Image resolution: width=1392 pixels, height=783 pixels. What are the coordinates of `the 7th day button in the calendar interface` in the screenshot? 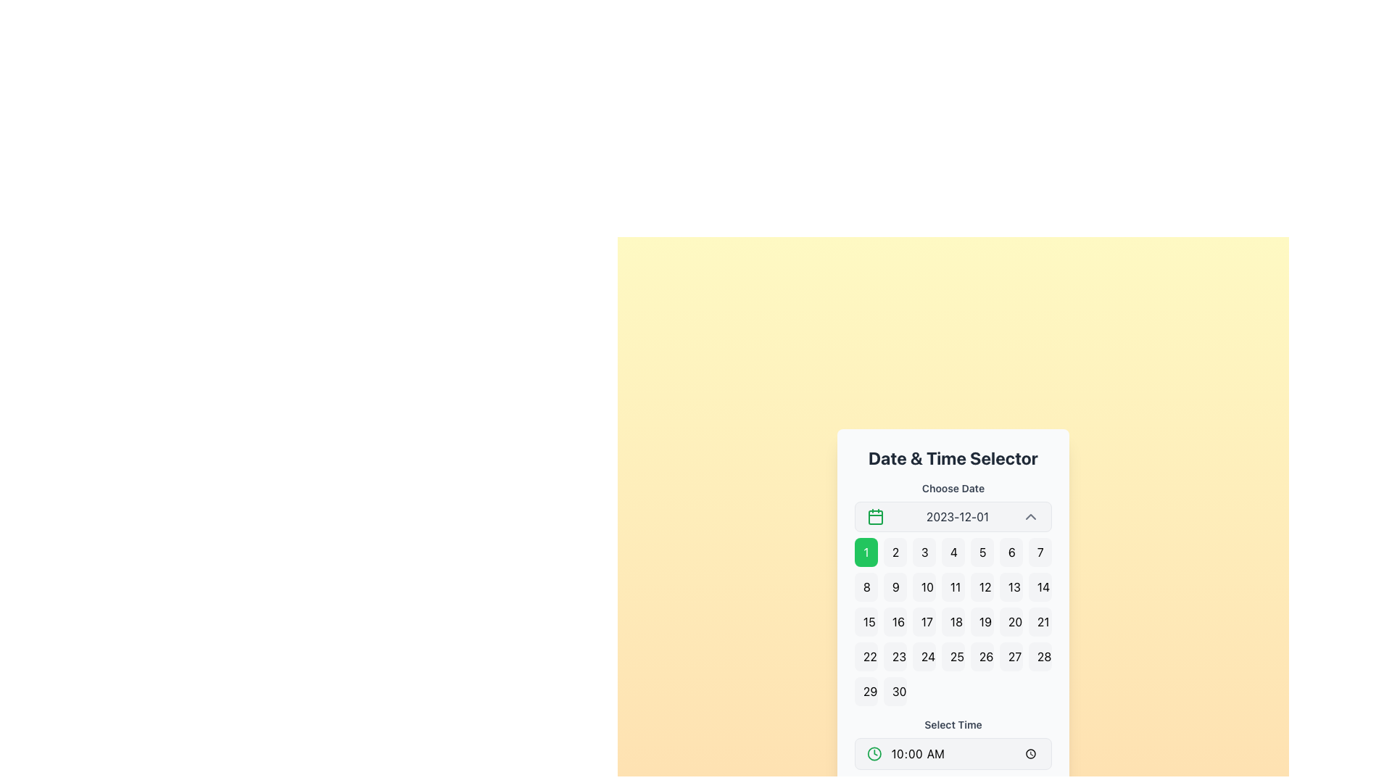 It's located at (1040, 552).